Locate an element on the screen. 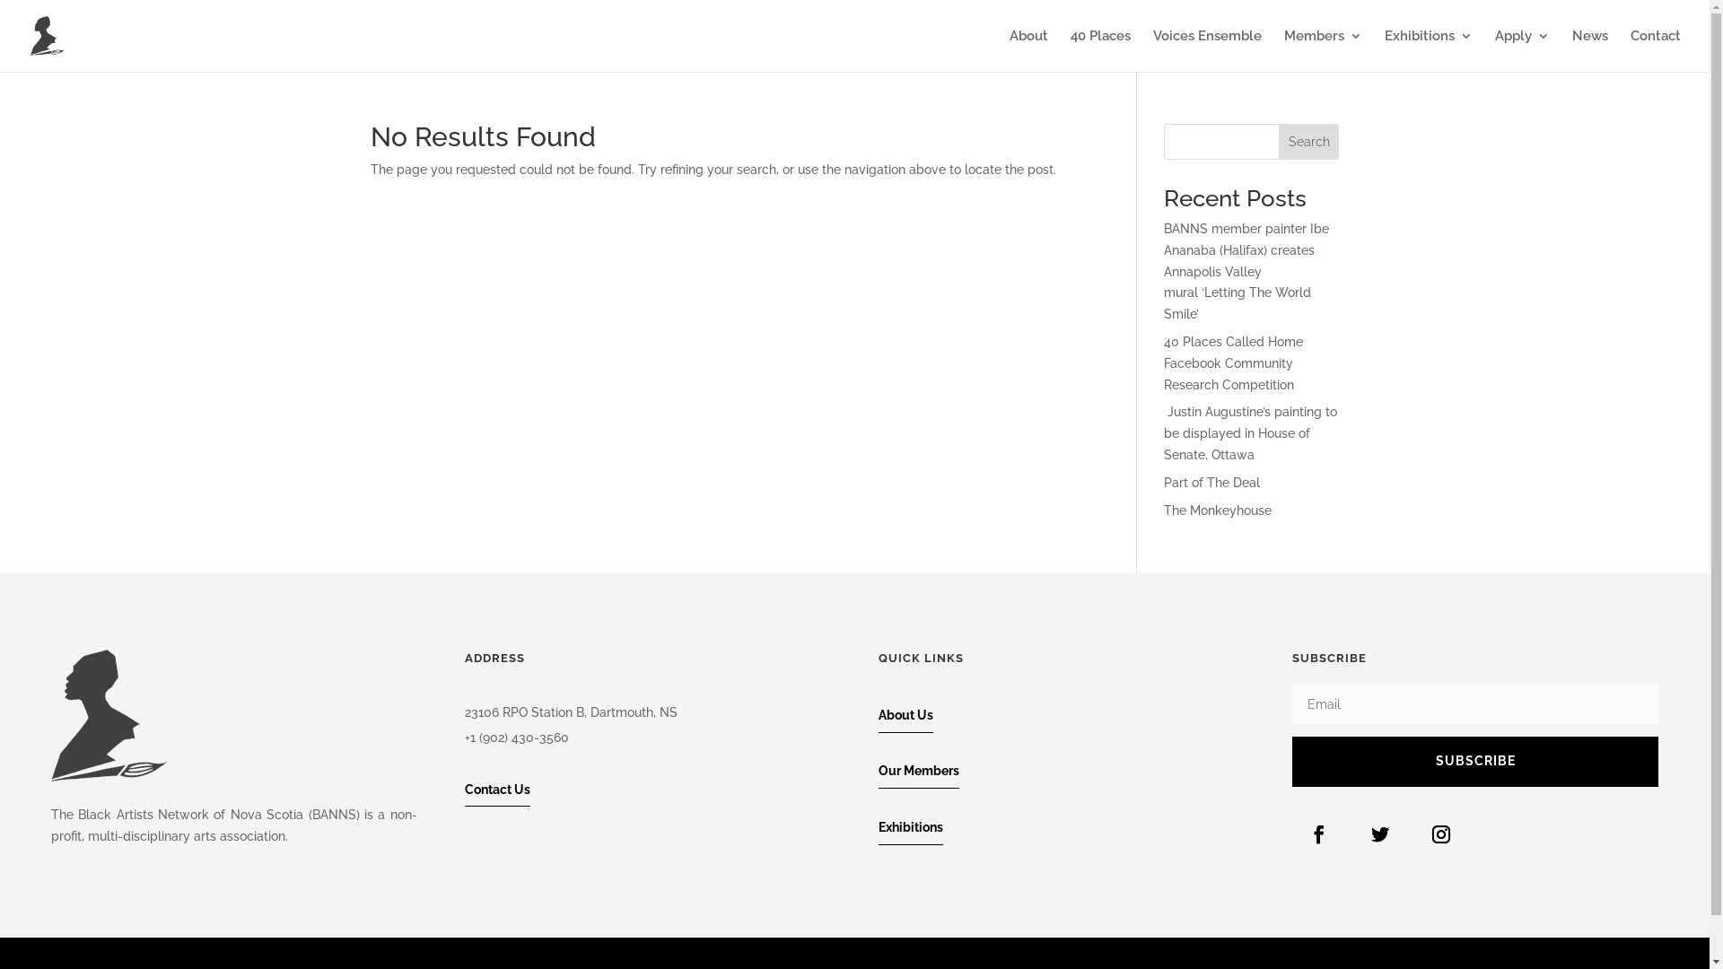 This screenshot has width=1723, height=969. 'Contact' is located at coordinates (1631, 49).